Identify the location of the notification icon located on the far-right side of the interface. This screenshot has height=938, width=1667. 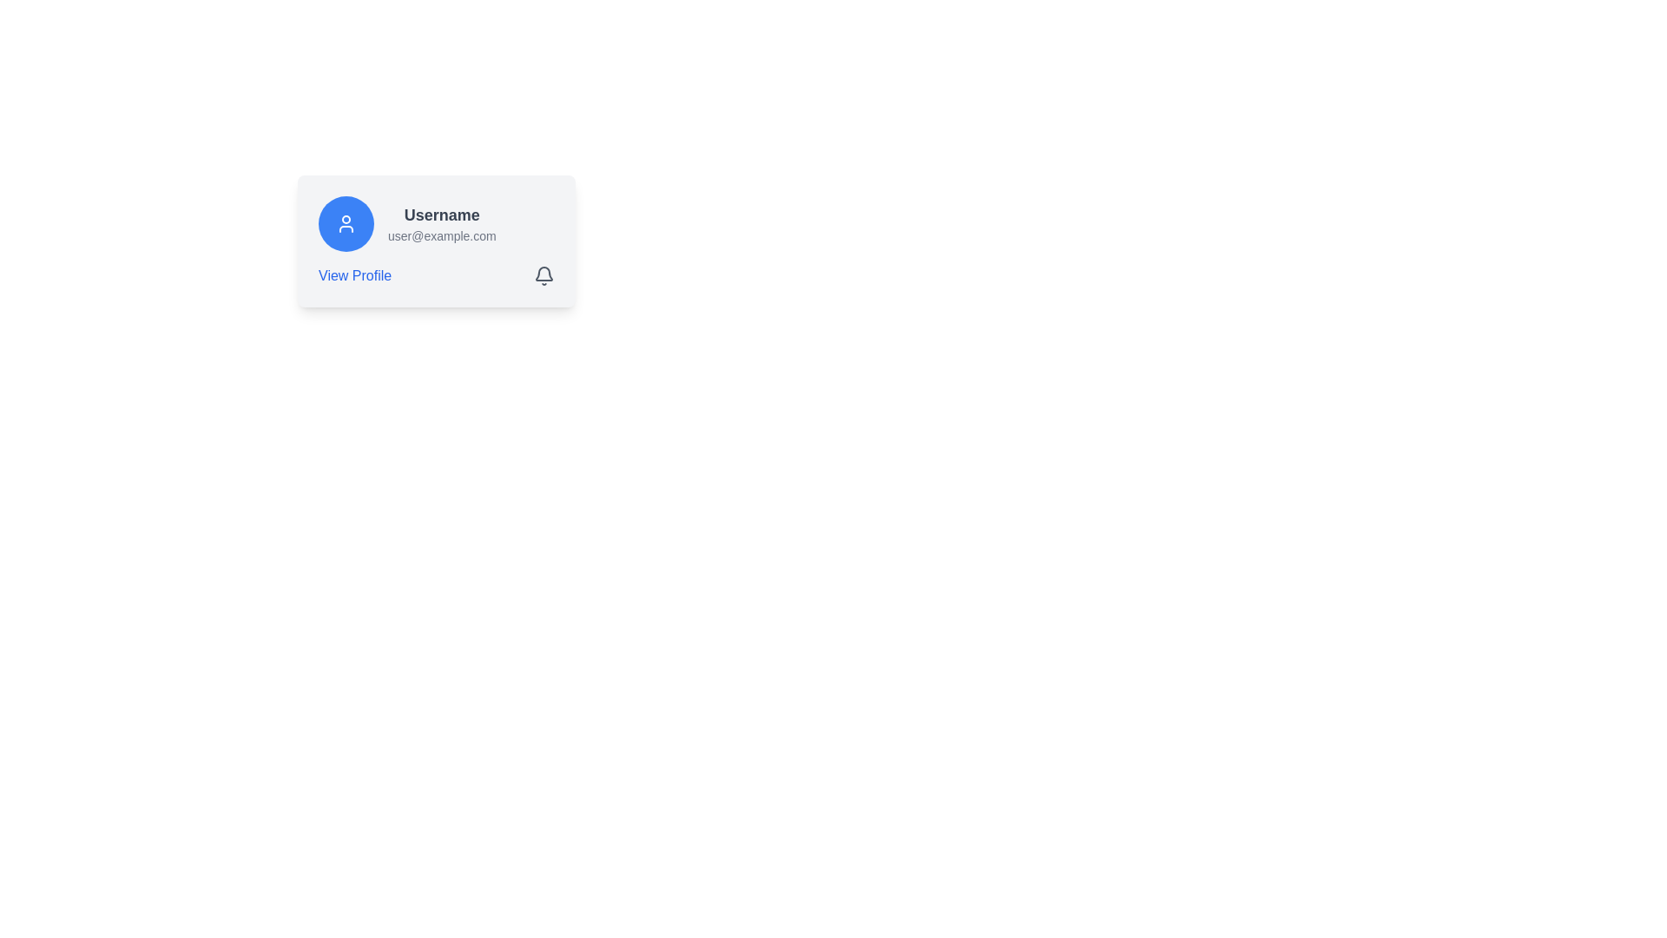
(544, 274).